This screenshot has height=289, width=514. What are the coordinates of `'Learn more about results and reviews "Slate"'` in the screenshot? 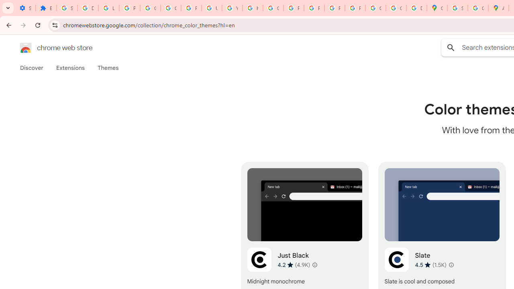 It's located at (451, 265).